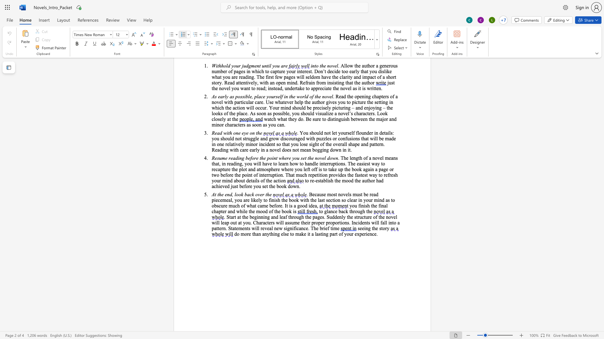 The height and width of the screenshot is (339, 604). Describe the element at coordinates (236, 194) in the screenshot. I see `the space between the continuous character "l" and "o" in the text` at that location.